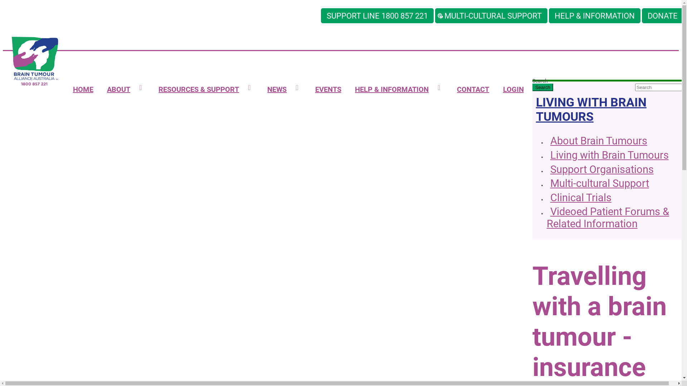 This screenshot has height=386, width=687. Describe the element at coordinates (473, 89) in the screenshot. I see `'CONTACT'` at that location.